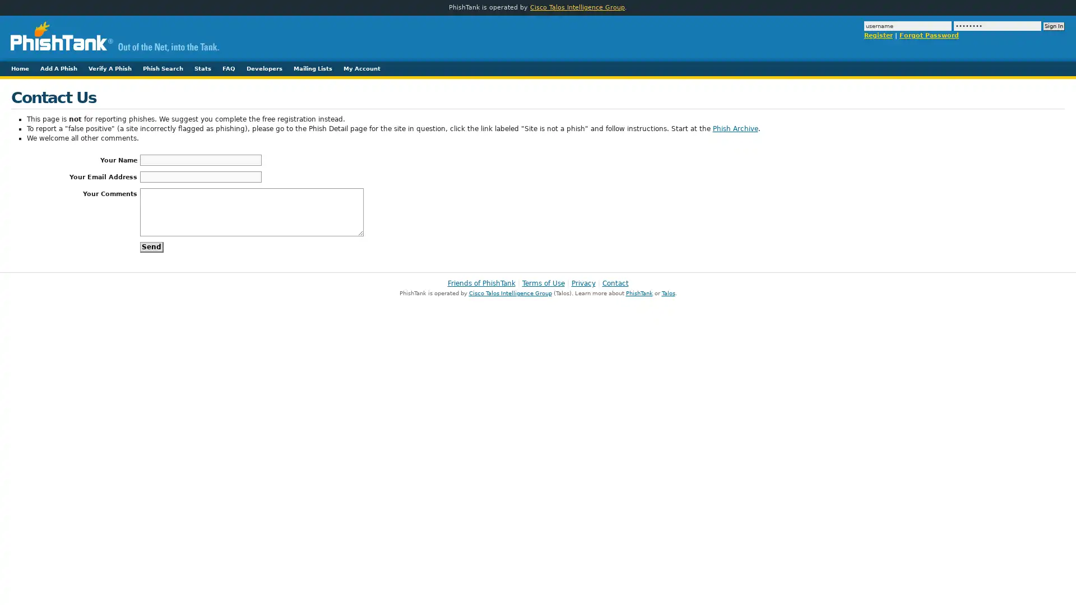 The width and height of the screenshot is (1076, 605). Describe the element at coordinates (1054, 26) in the screenshot. I see `Sign In` at that location.